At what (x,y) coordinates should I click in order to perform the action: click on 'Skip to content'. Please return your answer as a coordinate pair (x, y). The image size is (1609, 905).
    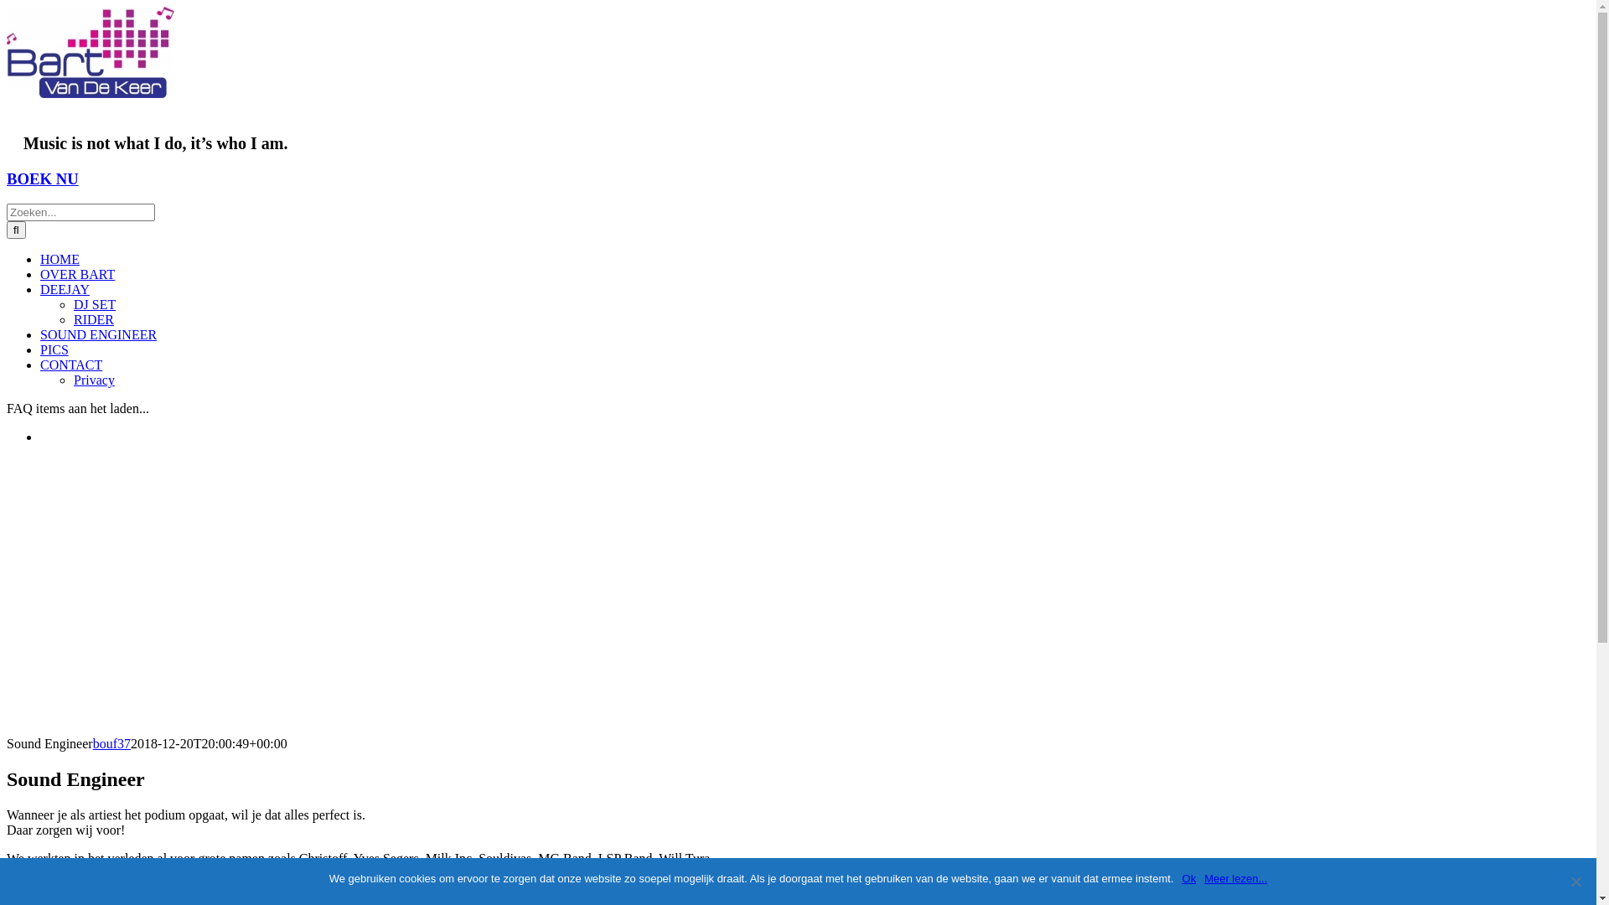
    Looking at the image, I should click on (6, 6).